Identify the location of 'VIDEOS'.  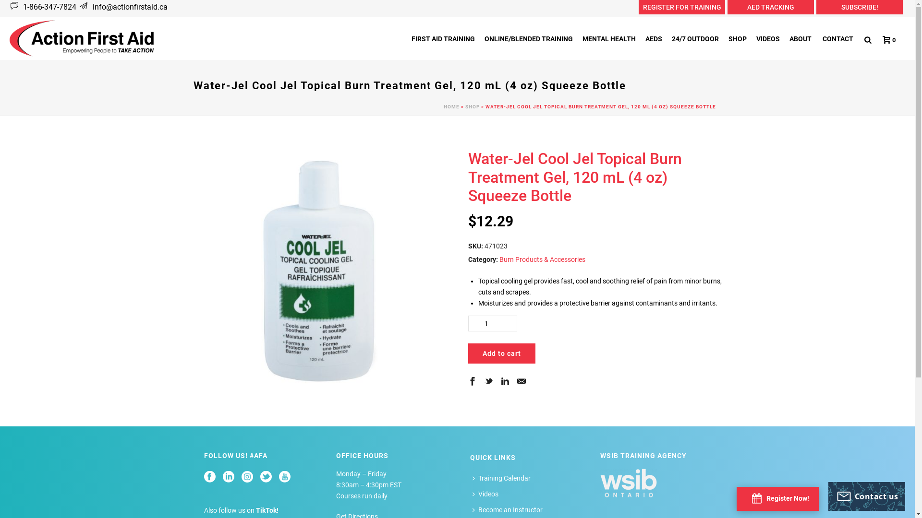
(767, 38).